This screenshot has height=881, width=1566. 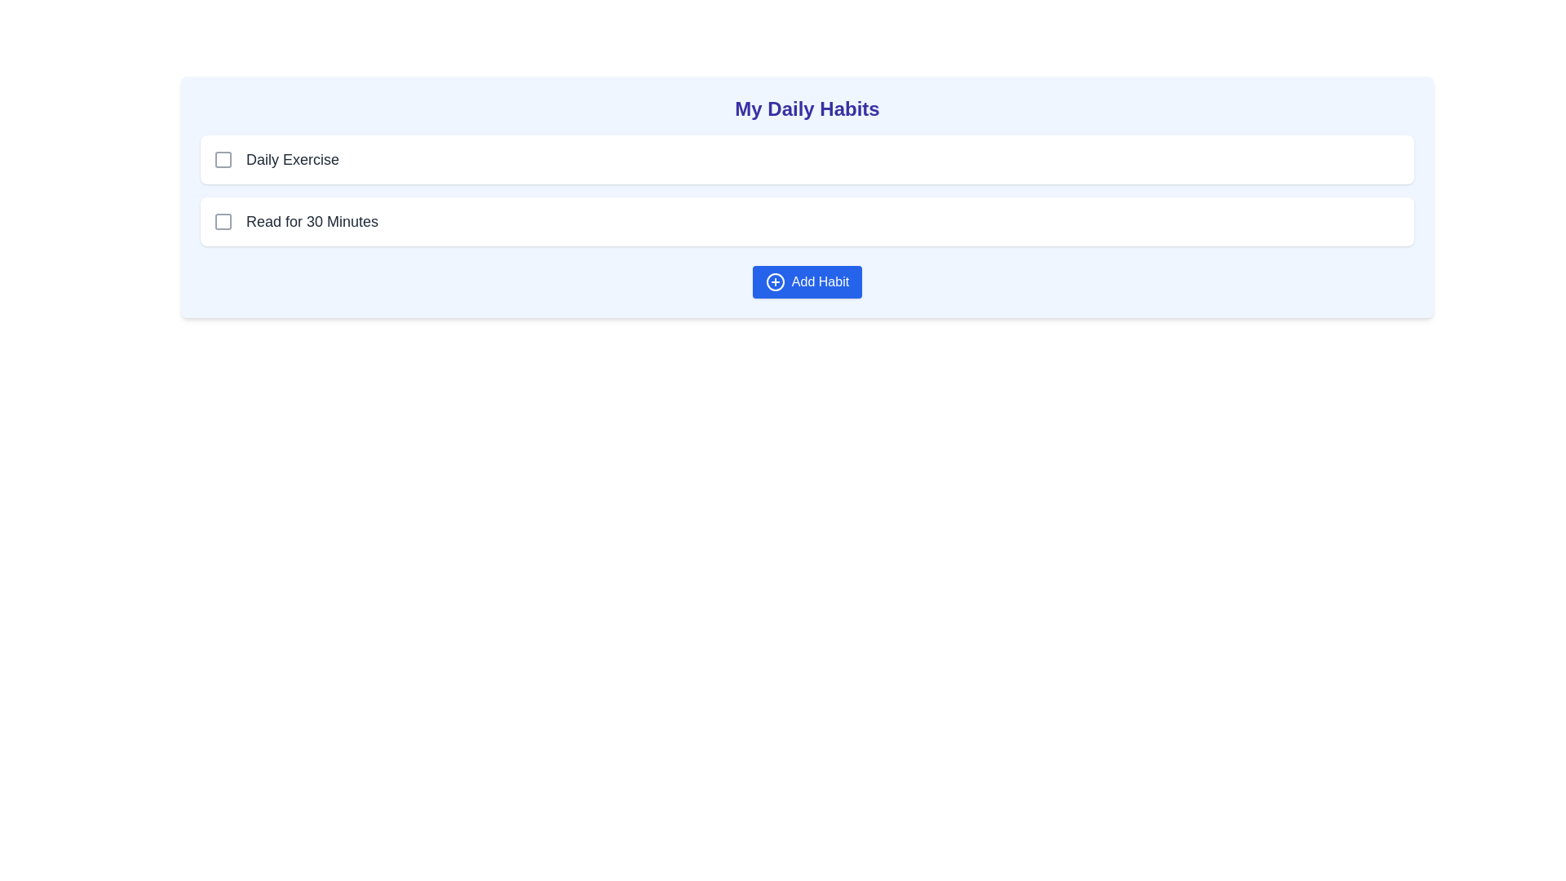 I want to click on the small rounded square SVG element located to the left of the 'Read for 30 Minutes' text in the 'My Daily Habits' section, so click(x=222, y=222).